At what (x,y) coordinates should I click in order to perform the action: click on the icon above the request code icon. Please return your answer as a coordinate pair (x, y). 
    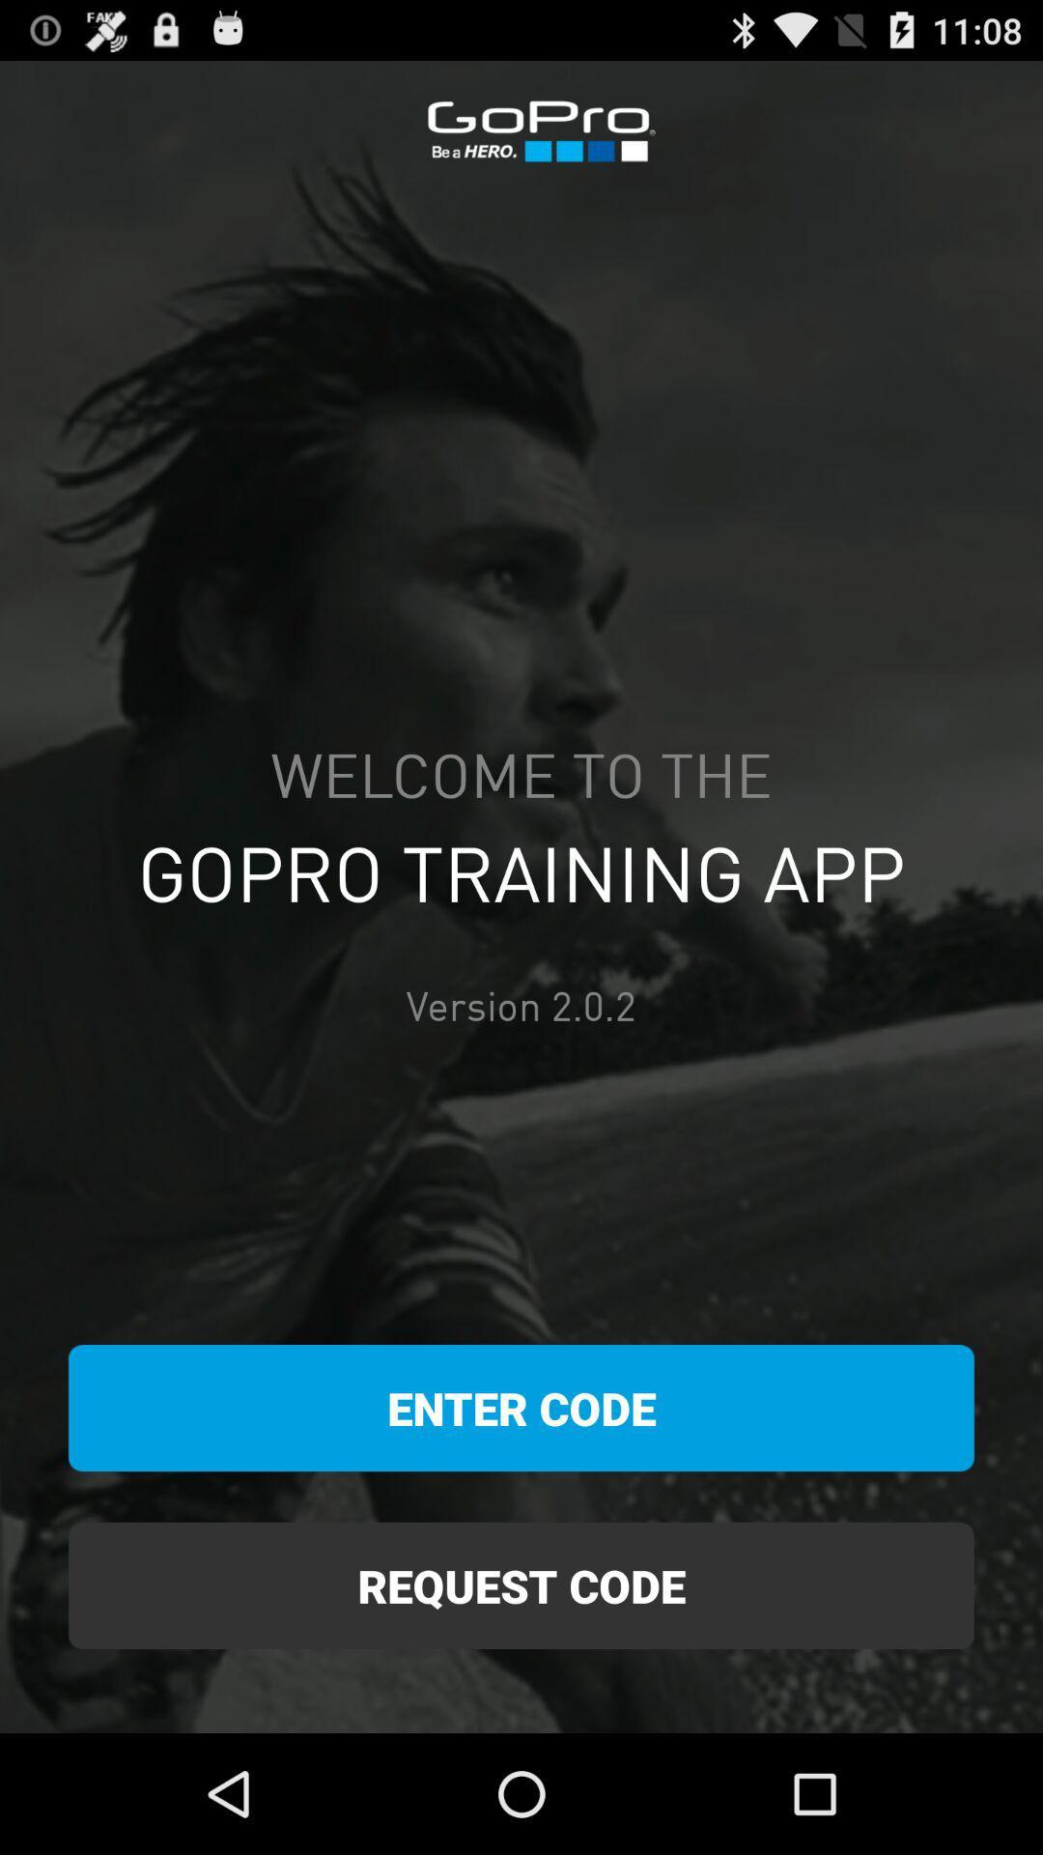
    Looking at the image, I should click on (521, 1408).